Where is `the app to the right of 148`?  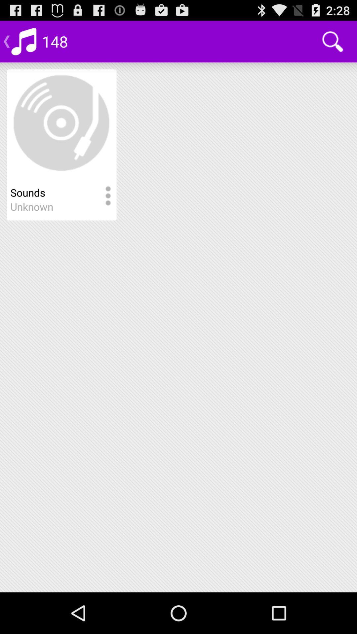
the app to the right of 148 is located at coordinates (333, 41).